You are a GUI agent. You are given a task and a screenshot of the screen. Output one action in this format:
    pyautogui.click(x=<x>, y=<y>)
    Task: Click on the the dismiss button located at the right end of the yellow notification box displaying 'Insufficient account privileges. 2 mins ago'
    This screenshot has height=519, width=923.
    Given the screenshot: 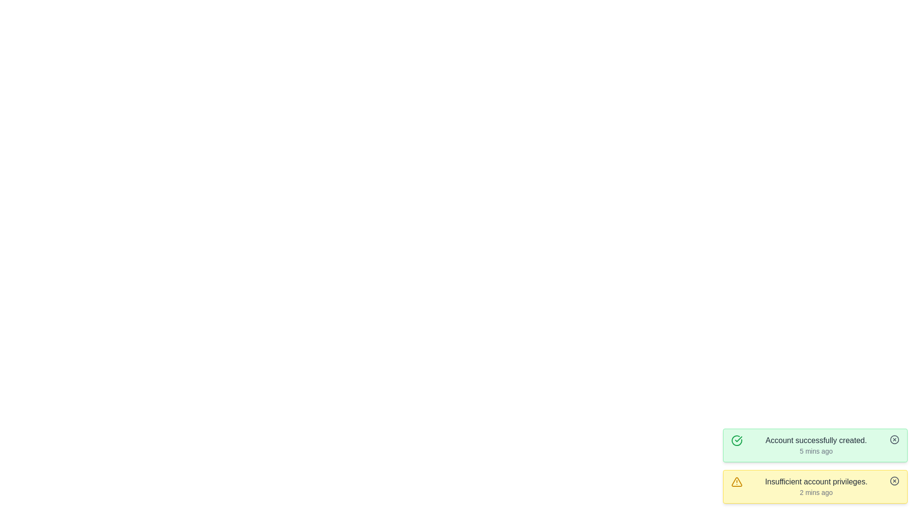 What is the action you would take?
    pyautogui.click(x=894, y=481)
    